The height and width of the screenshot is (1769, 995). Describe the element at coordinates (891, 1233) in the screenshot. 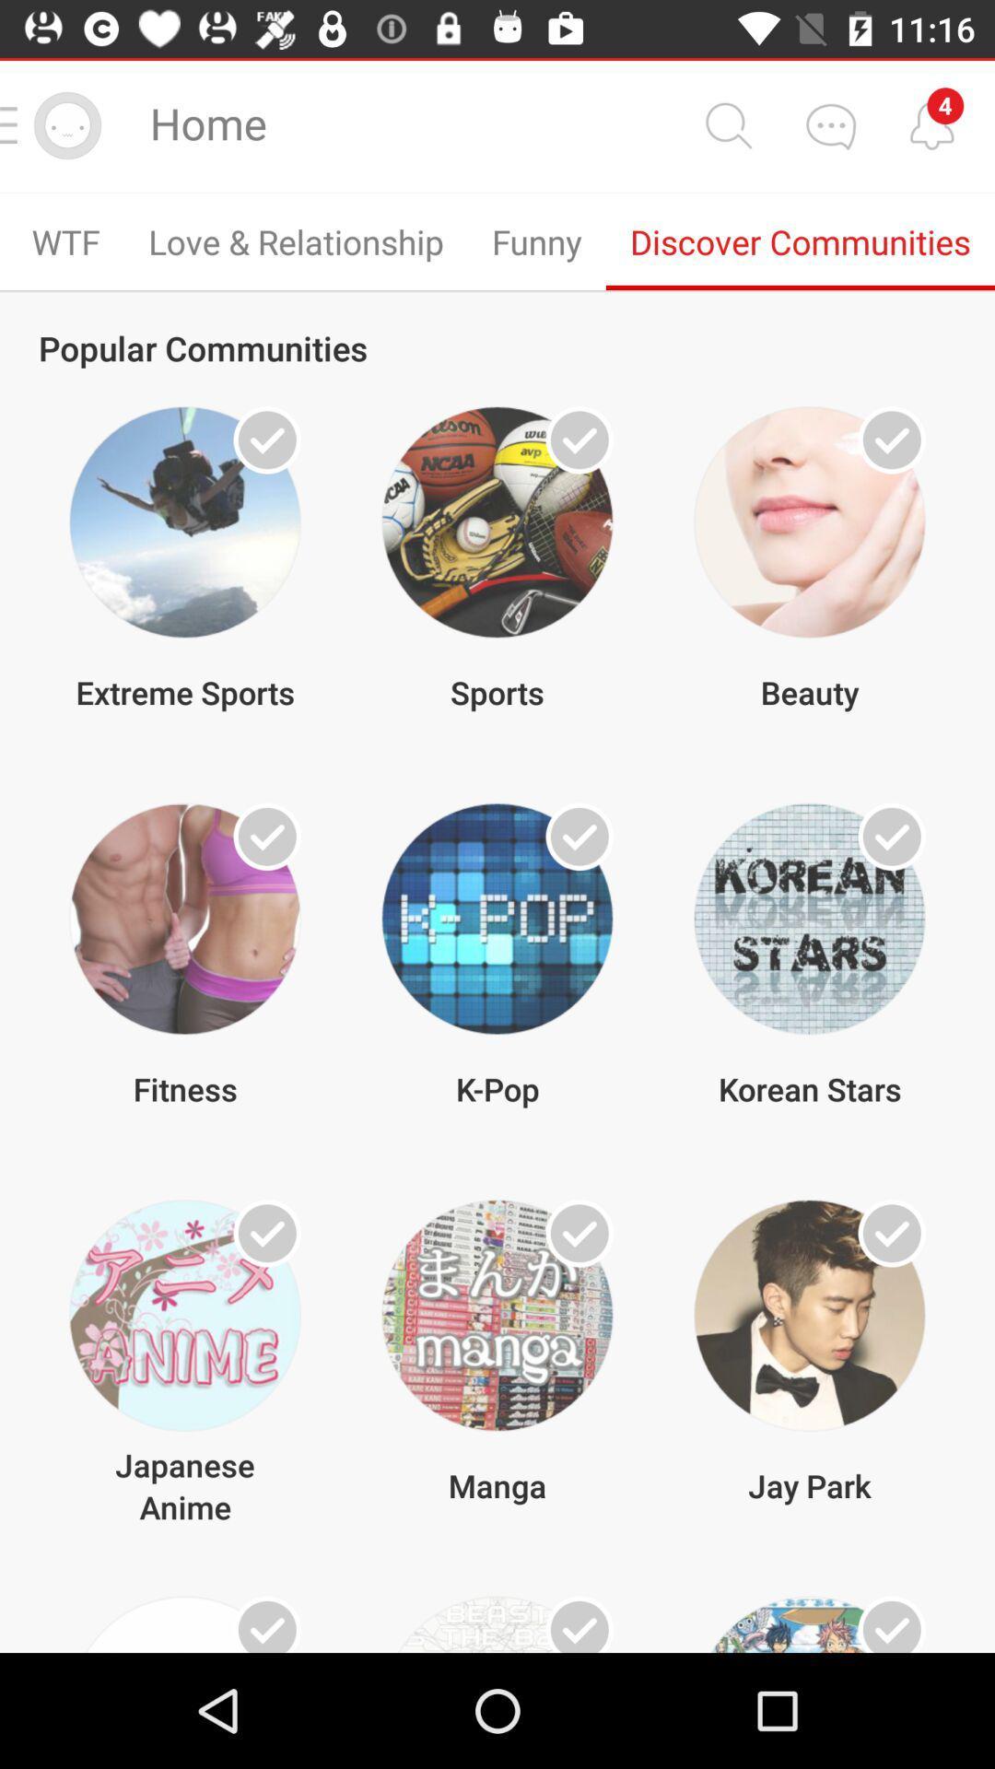

I see `community` at that location.